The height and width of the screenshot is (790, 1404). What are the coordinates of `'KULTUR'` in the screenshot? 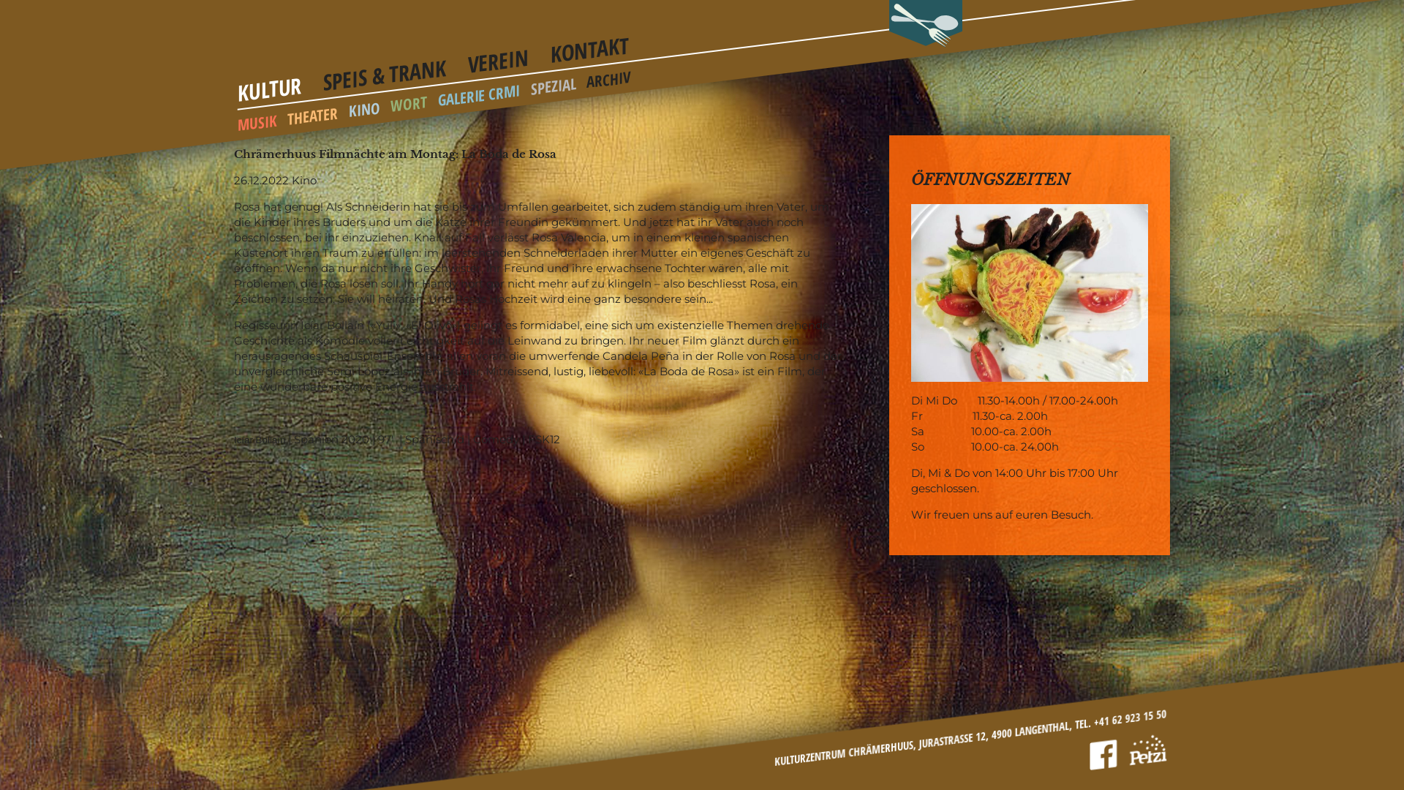 It's located at (270, 84).